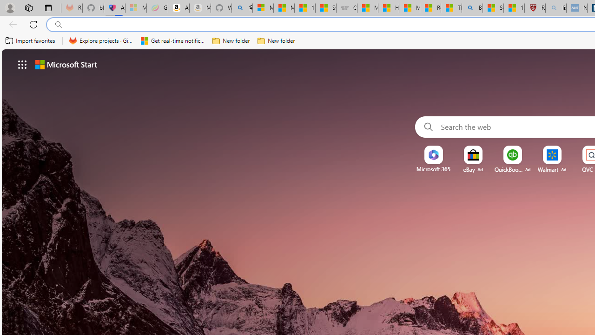 Image resolution: width=595 pixels, height=335 pixels. I want to click on 'Bing', so click(472, 8).